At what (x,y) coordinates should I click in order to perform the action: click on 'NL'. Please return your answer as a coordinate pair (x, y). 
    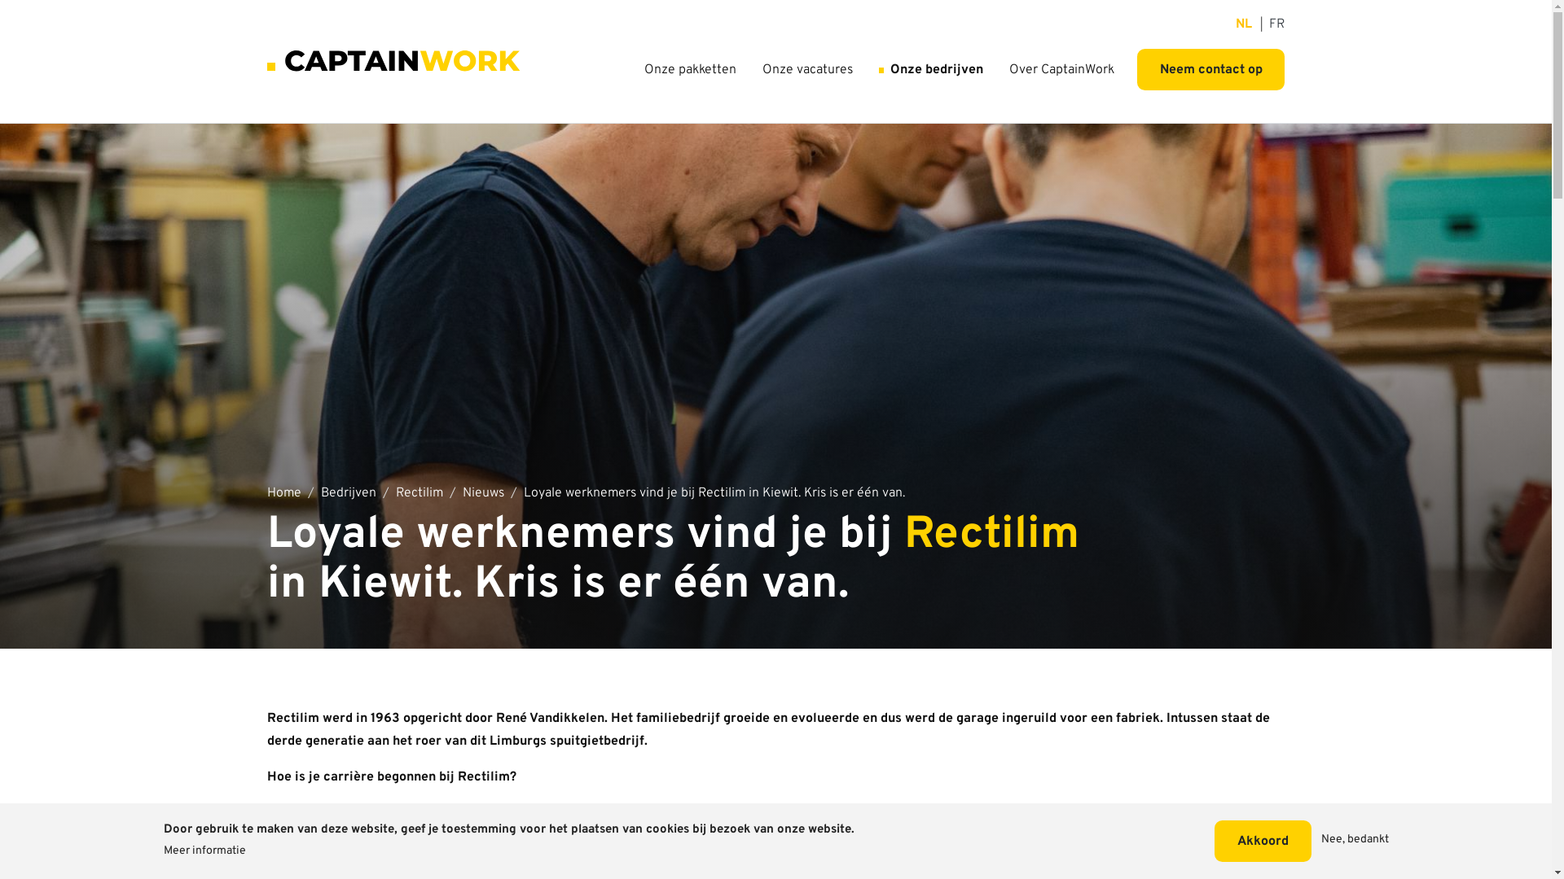
    Looking at the image, I should click on (1242, 24).